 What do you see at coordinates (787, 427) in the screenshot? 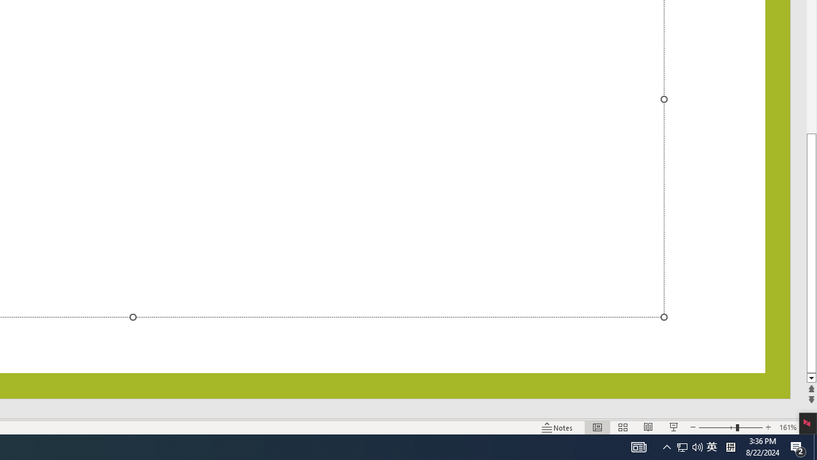
I see `'Zoom 161%'` at bounding box center [787, 427].